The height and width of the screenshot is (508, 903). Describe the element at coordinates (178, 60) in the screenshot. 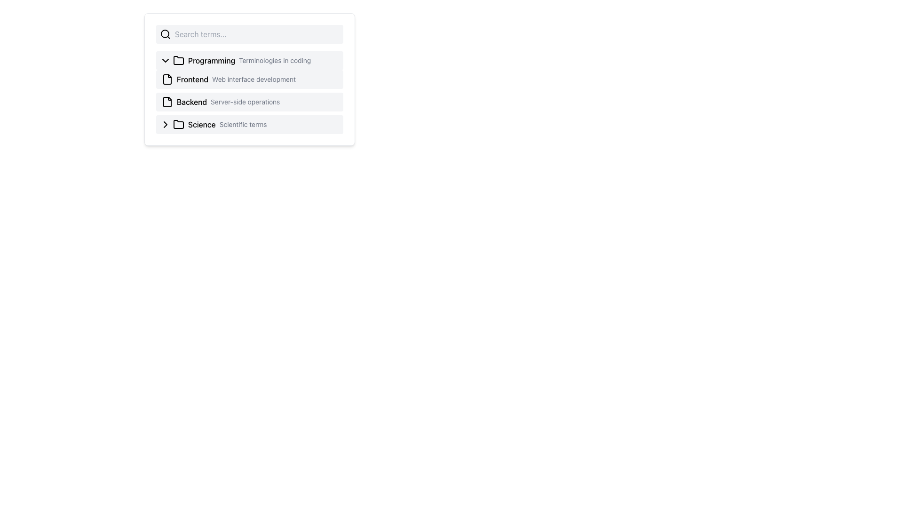

I see `the small folder icon located to the left of the 'Programming' title text in the dropdown menu titled 'Search terms'` at that location.